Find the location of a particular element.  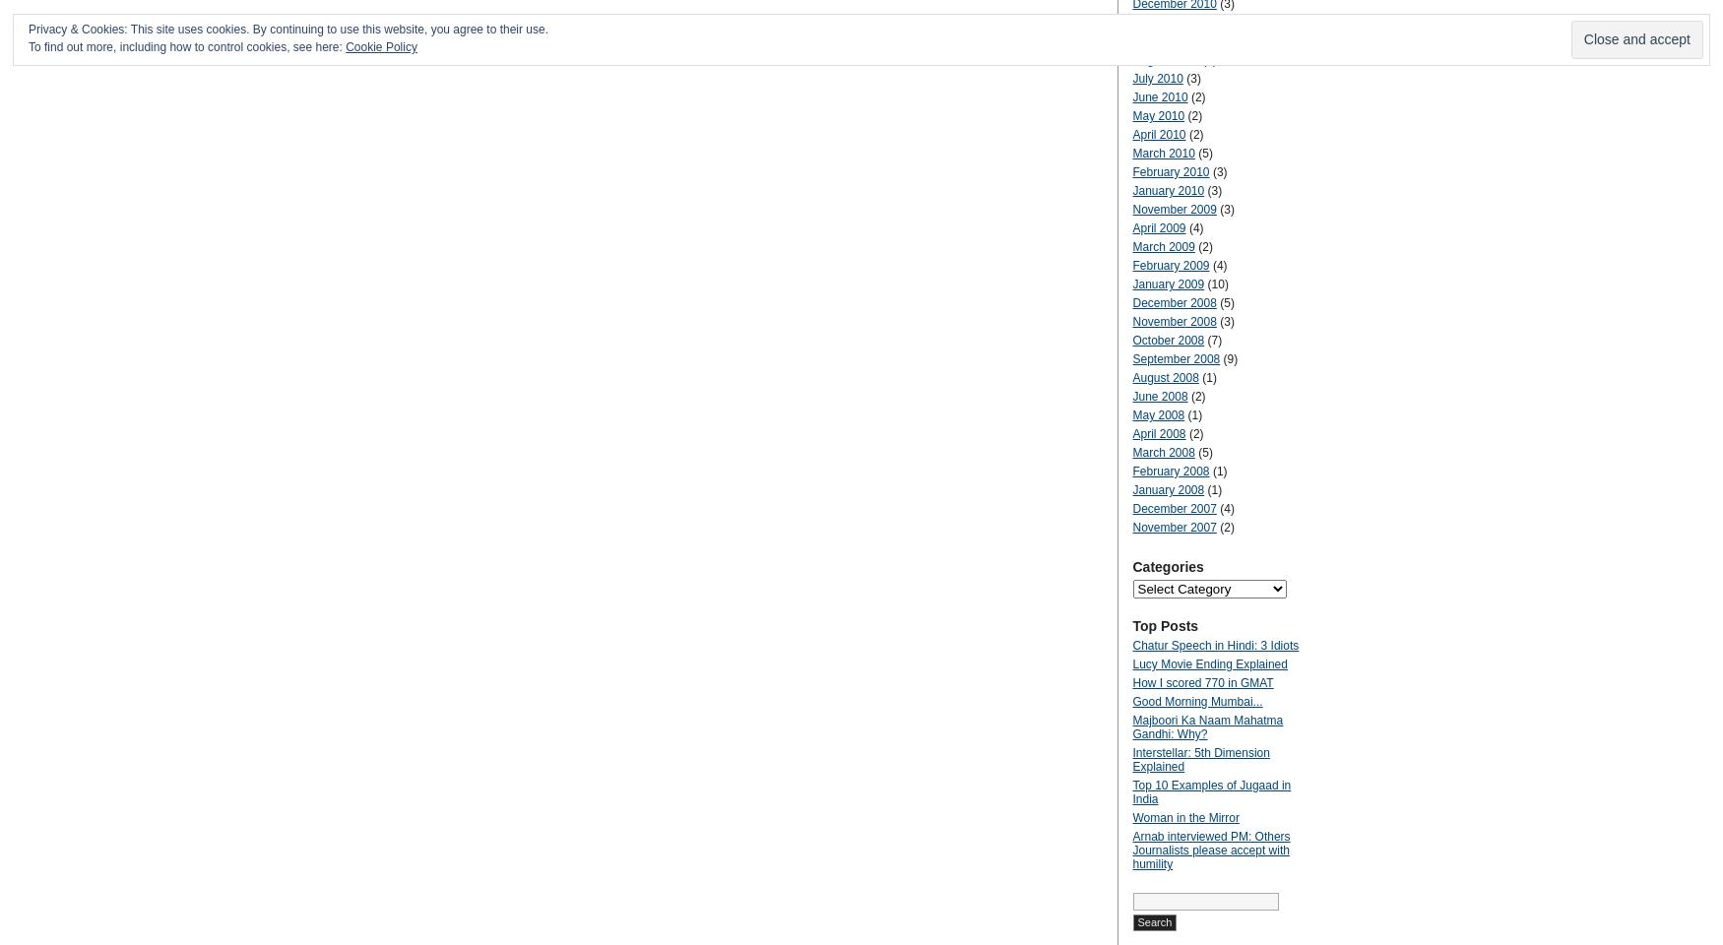

'April 2009' is located at coordinates (1158, 228).